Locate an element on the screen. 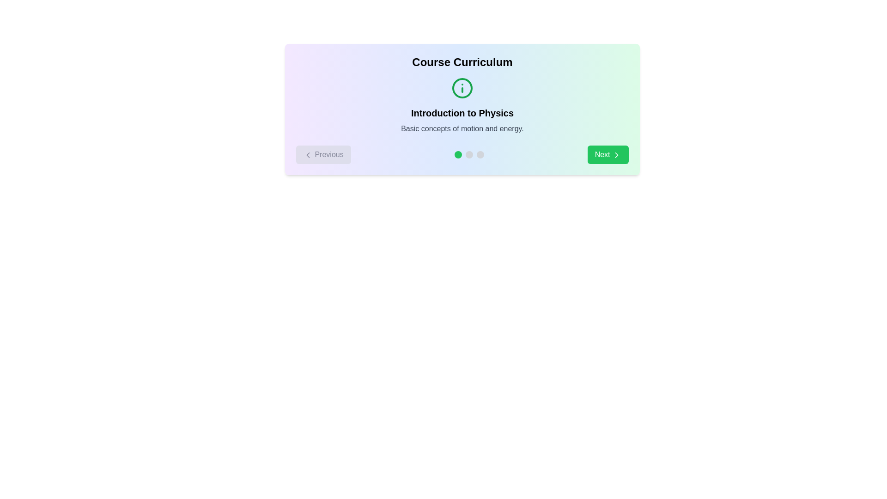 This screenshot has width=887, height=499. the visual indicator located on the far left of a row of three circular components, which represents the selected or active state in the navigation sequence is located at coordinates (458, 154).